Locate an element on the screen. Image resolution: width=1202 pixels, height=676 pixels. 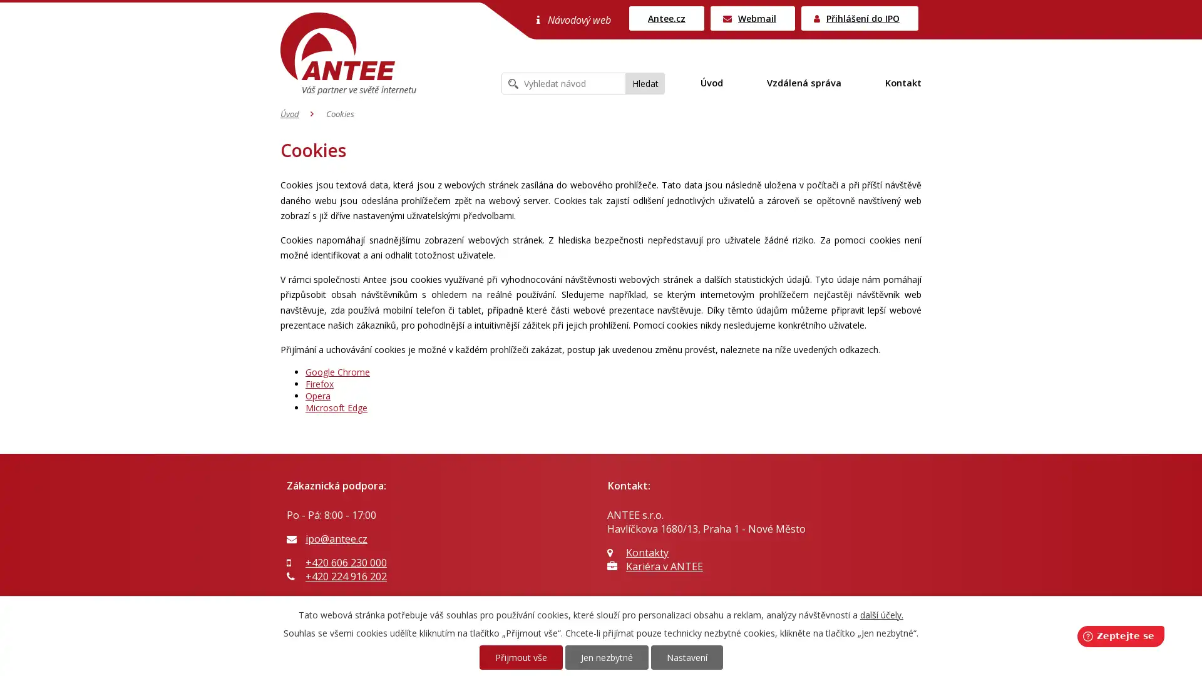
Hledat is located at coordinates (645, 83).